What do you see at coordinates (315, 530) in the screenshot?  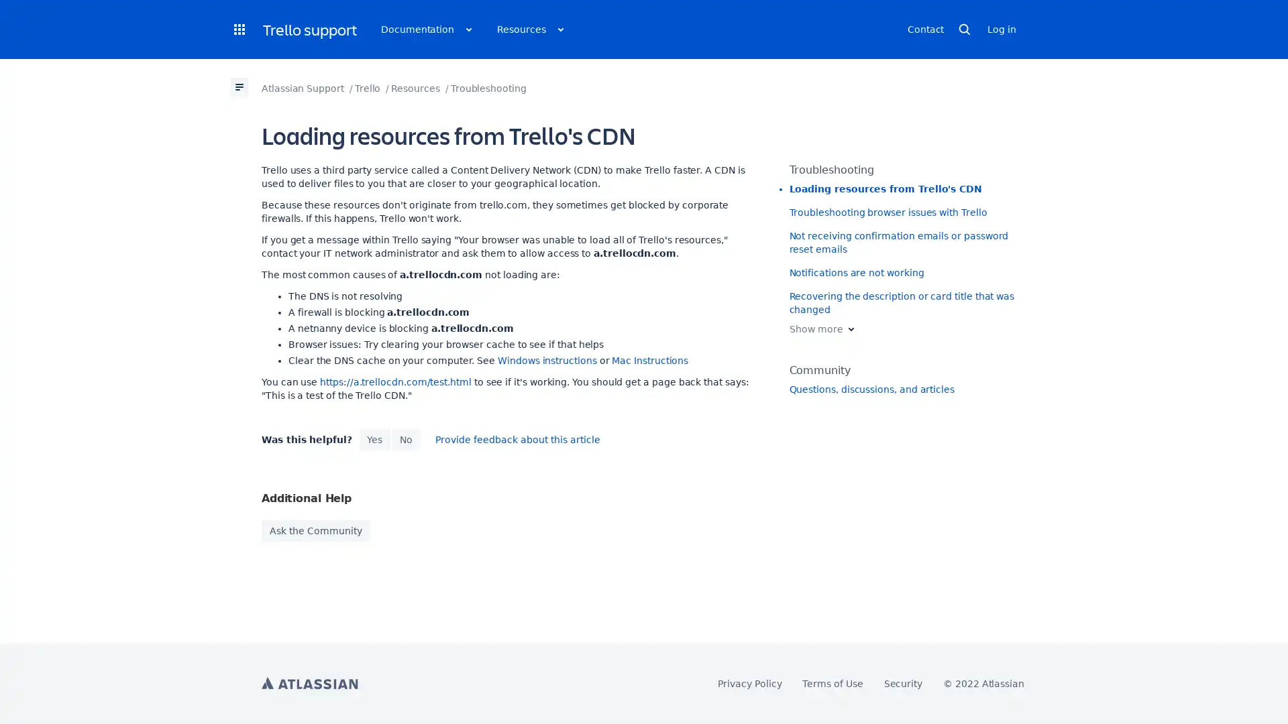 I see `Ask the Community` at bounding box center [315, 530].